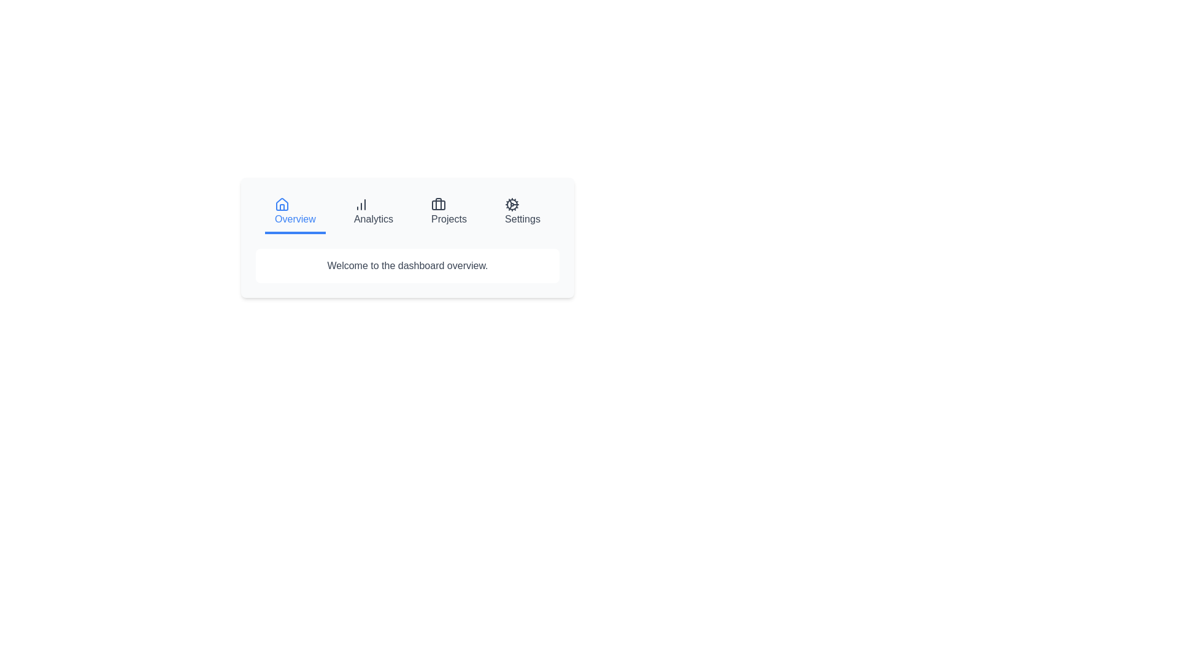 This screenshot has height=662, width=1178. I want to click on the tab labeled Analytics, so click(372, 212).